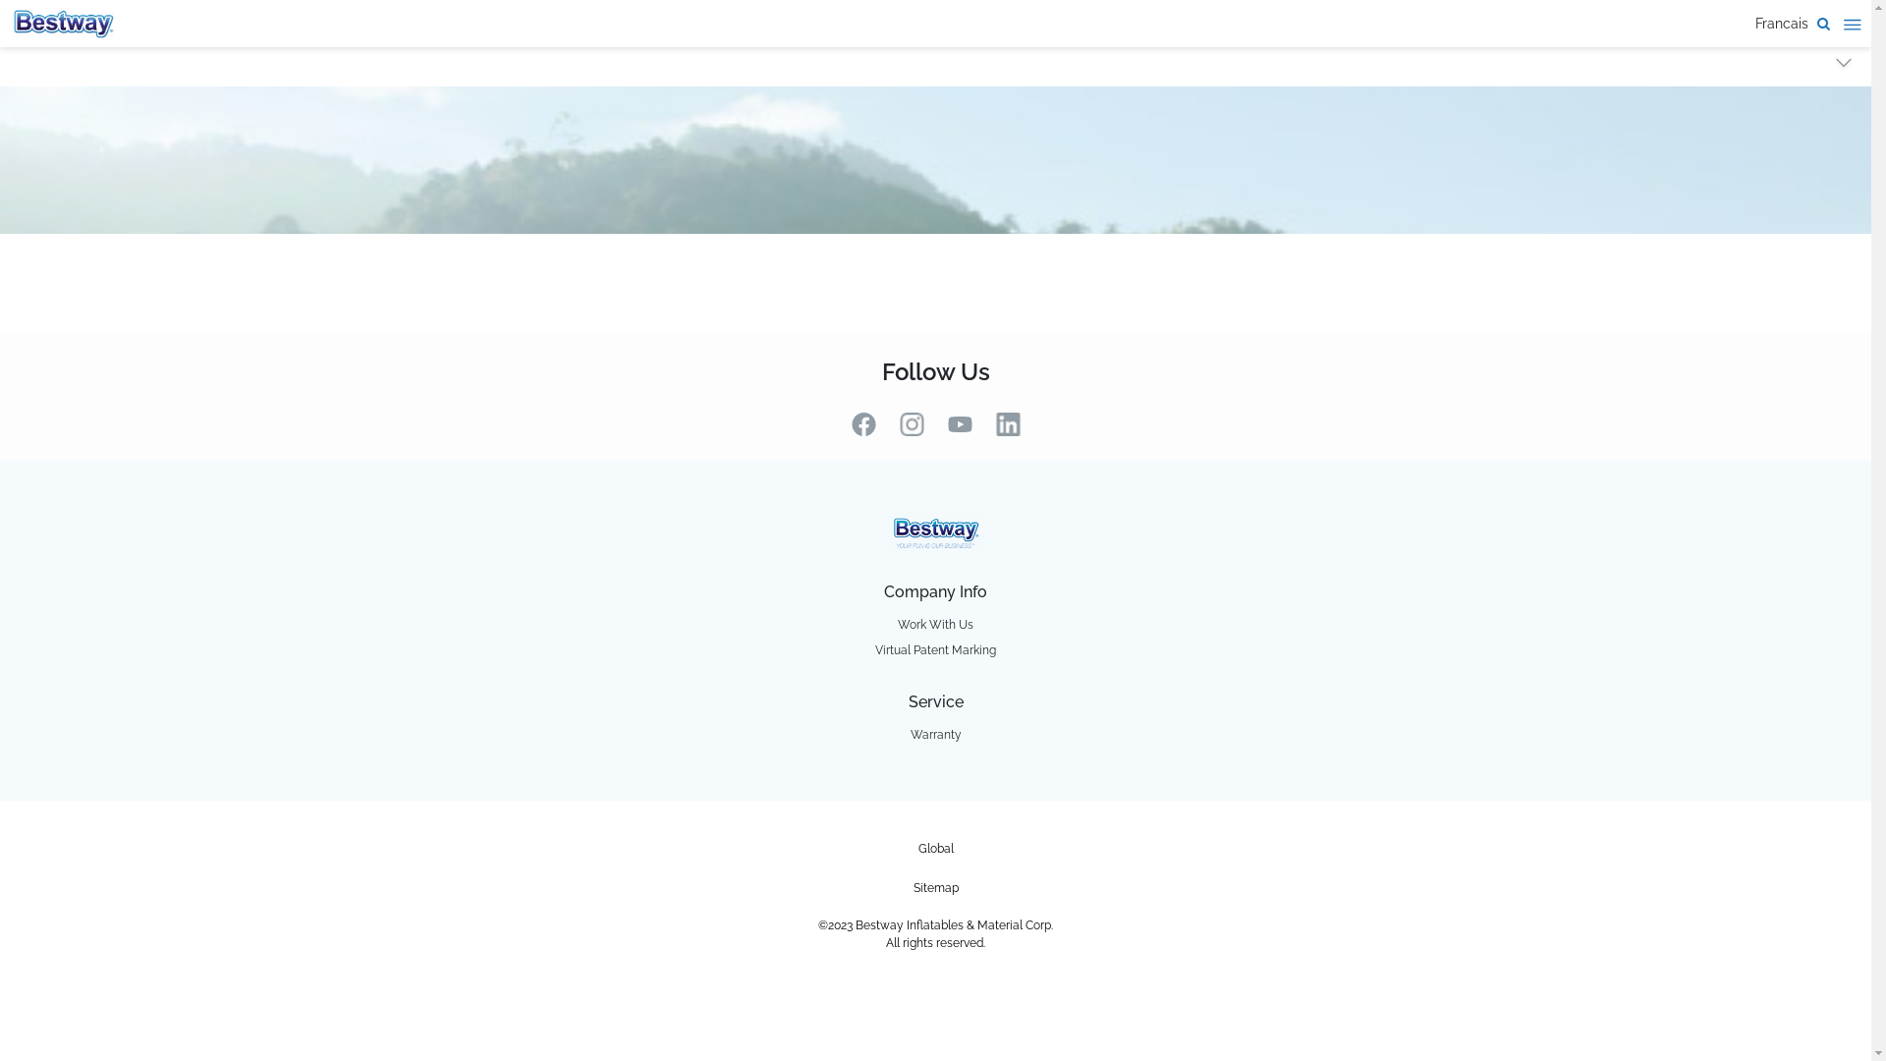 The height and width of the screenshot is (1061, 1886). What do you see at coordinates (1782, 23) in the screenshot?
I see `'Francais'` at bounding box center [1782, 23].